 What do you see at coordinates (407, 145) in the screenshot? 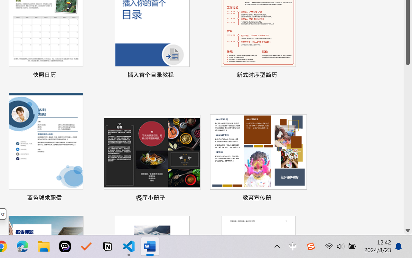
I see `'Page down'` at bounding box center [407, 145].